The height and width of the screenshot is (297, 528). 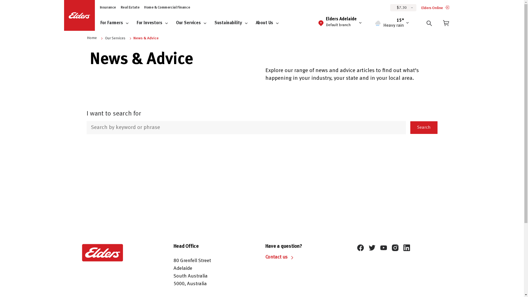 What do you see at coordinates (435, 8) in the screenshot?
I see `'Elders Online'` at bounding box center [435, 8].